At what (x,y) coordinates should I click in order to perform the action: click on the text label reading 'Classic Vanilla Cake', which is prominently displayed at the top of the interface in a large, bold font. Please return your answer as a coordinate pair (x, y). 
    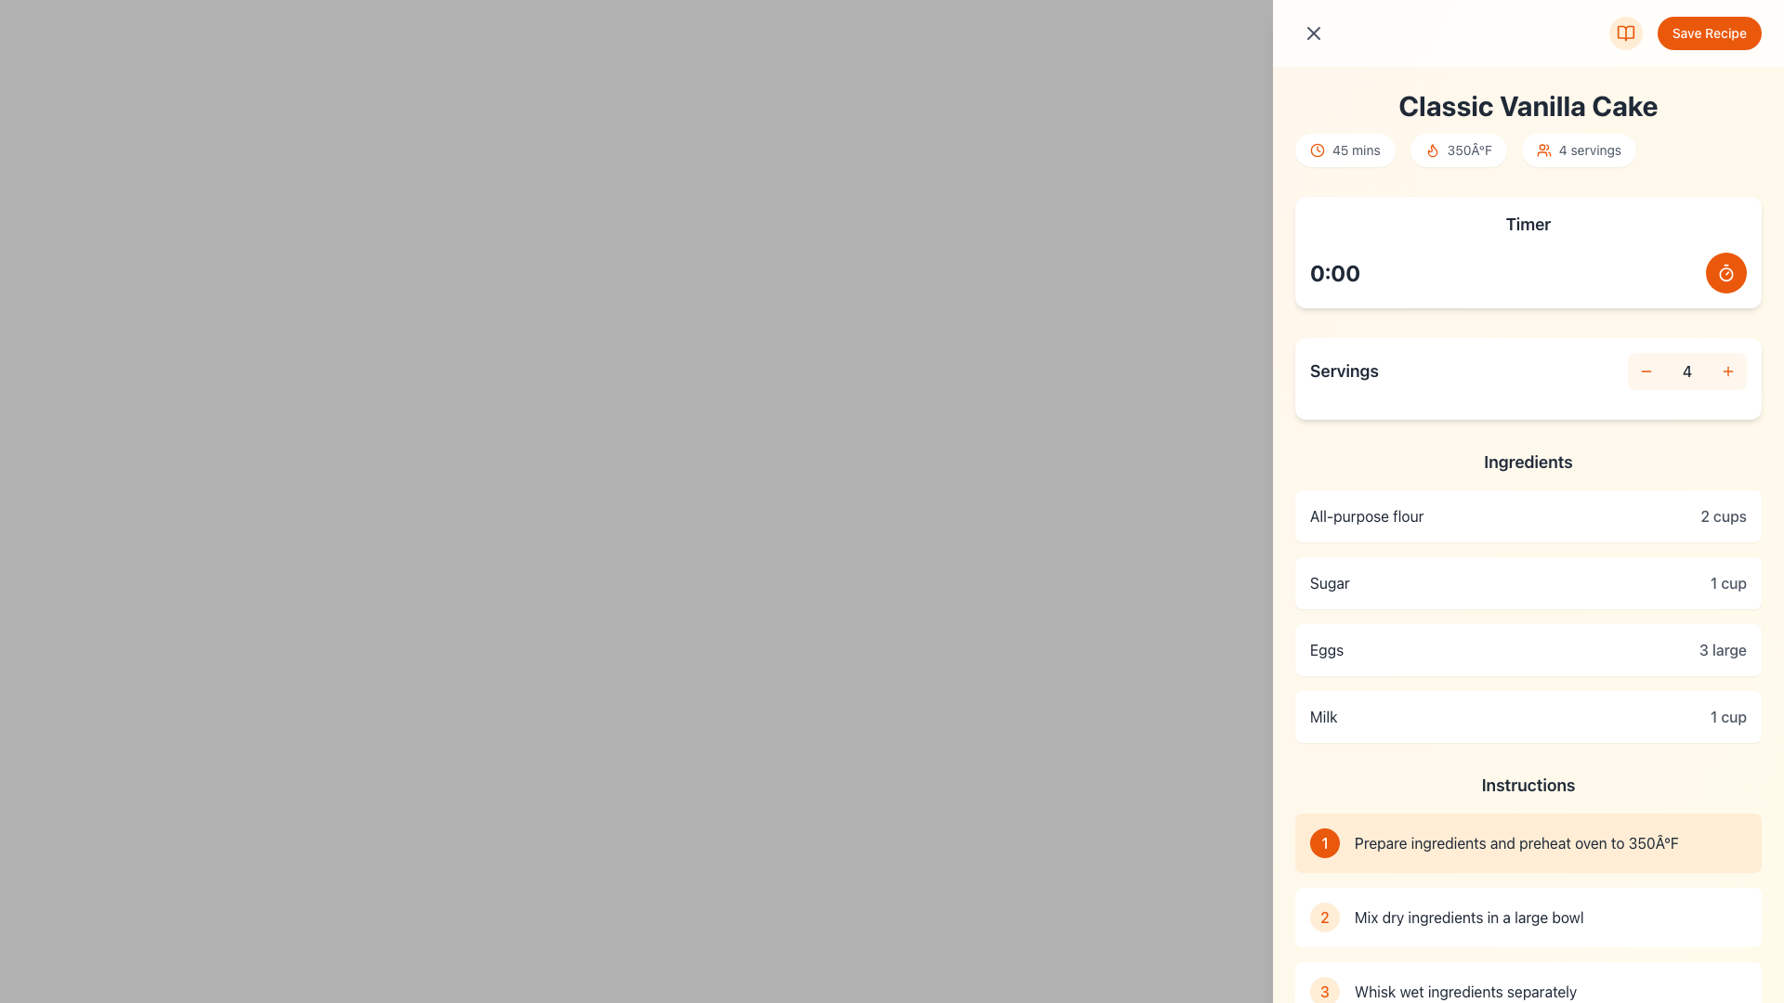
    Looking at the image, I should click on (1528, 106).